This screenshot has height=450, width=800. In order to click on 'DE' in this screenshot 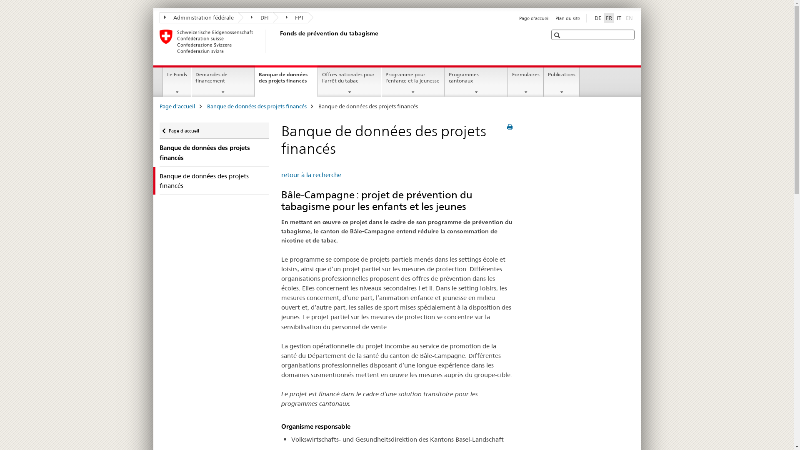, I will do `click(597, 17)`.